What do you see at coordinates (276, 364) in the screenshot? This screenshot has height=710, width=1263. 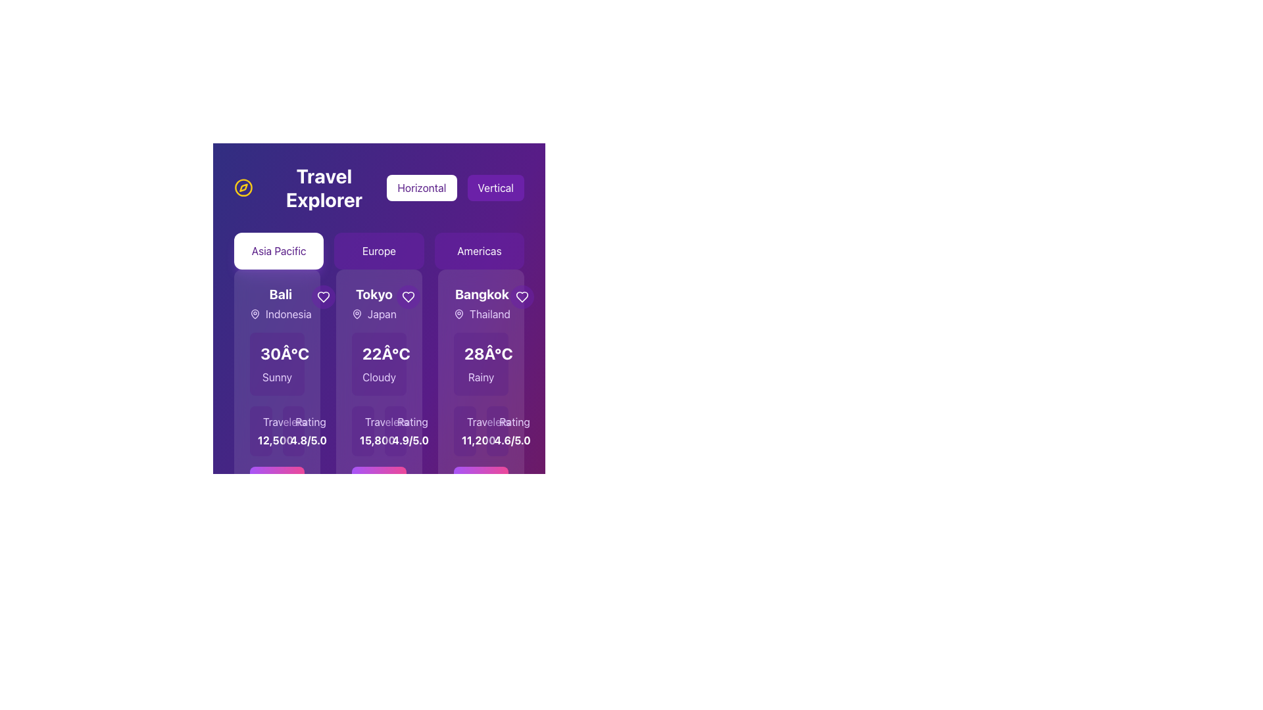 I see `the Weather Information Display that shows the current temperature and weather condition for 'Bali, Indonesia', located in the first column of the 'Asia Pacific' tab, beneath the 'Bali Indonesia' section header` at bounding box center [276, 364].